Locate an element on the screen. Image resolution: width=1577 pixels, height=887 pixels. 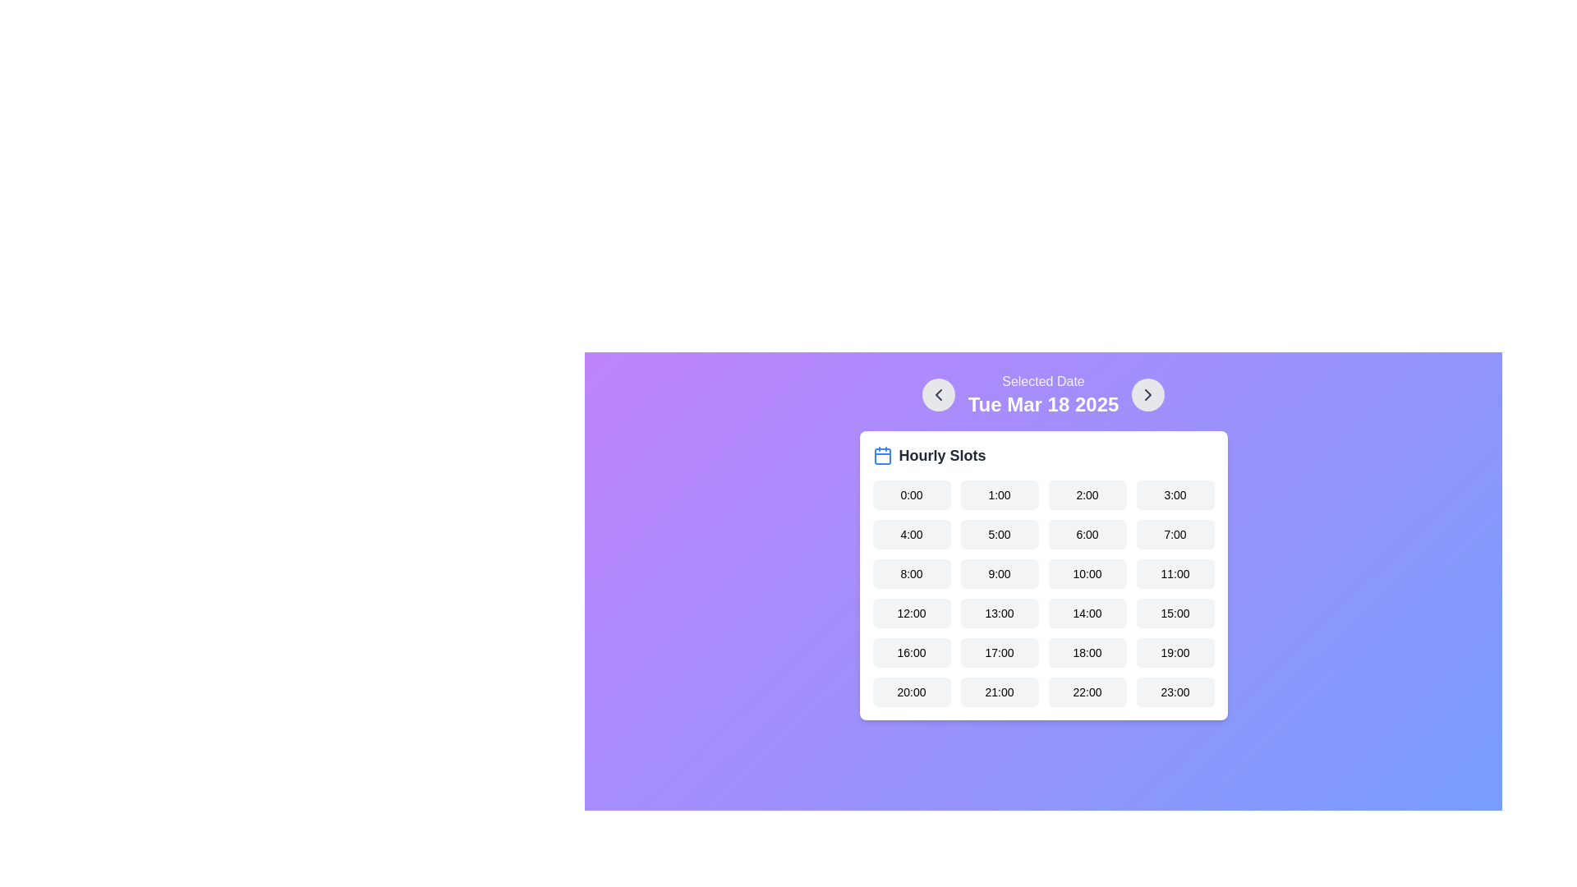
the button with the text '4:00', which is part of a grid layout for hourly time slots, to change its background color to blue is located at coordinates (910, 535).